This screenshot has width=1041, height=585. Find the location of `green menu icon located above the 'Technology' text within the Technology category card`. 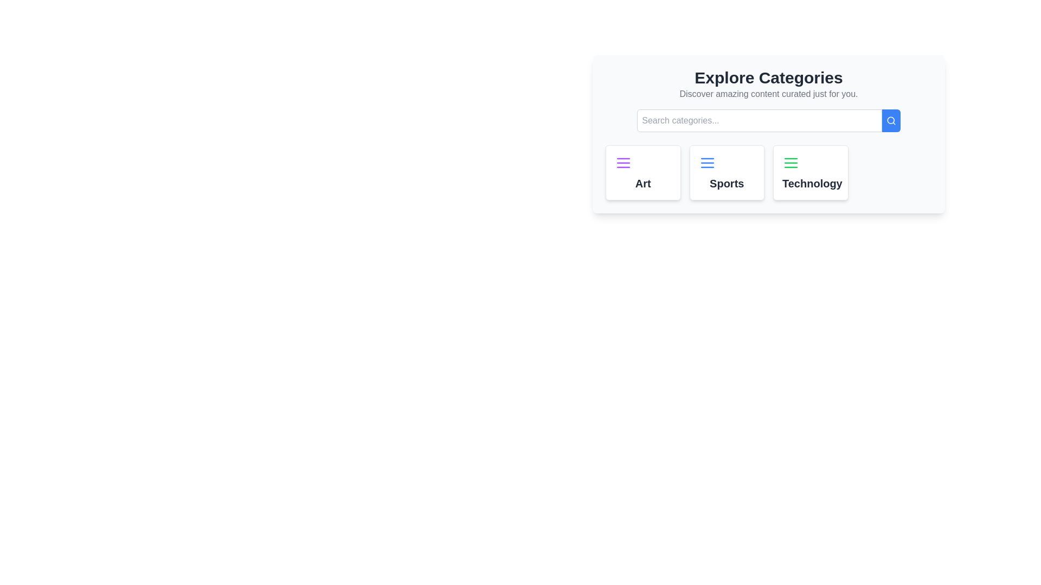

green menu icon located above the 'Technology' text within the Technology category card is located at coordinates (791, 162).